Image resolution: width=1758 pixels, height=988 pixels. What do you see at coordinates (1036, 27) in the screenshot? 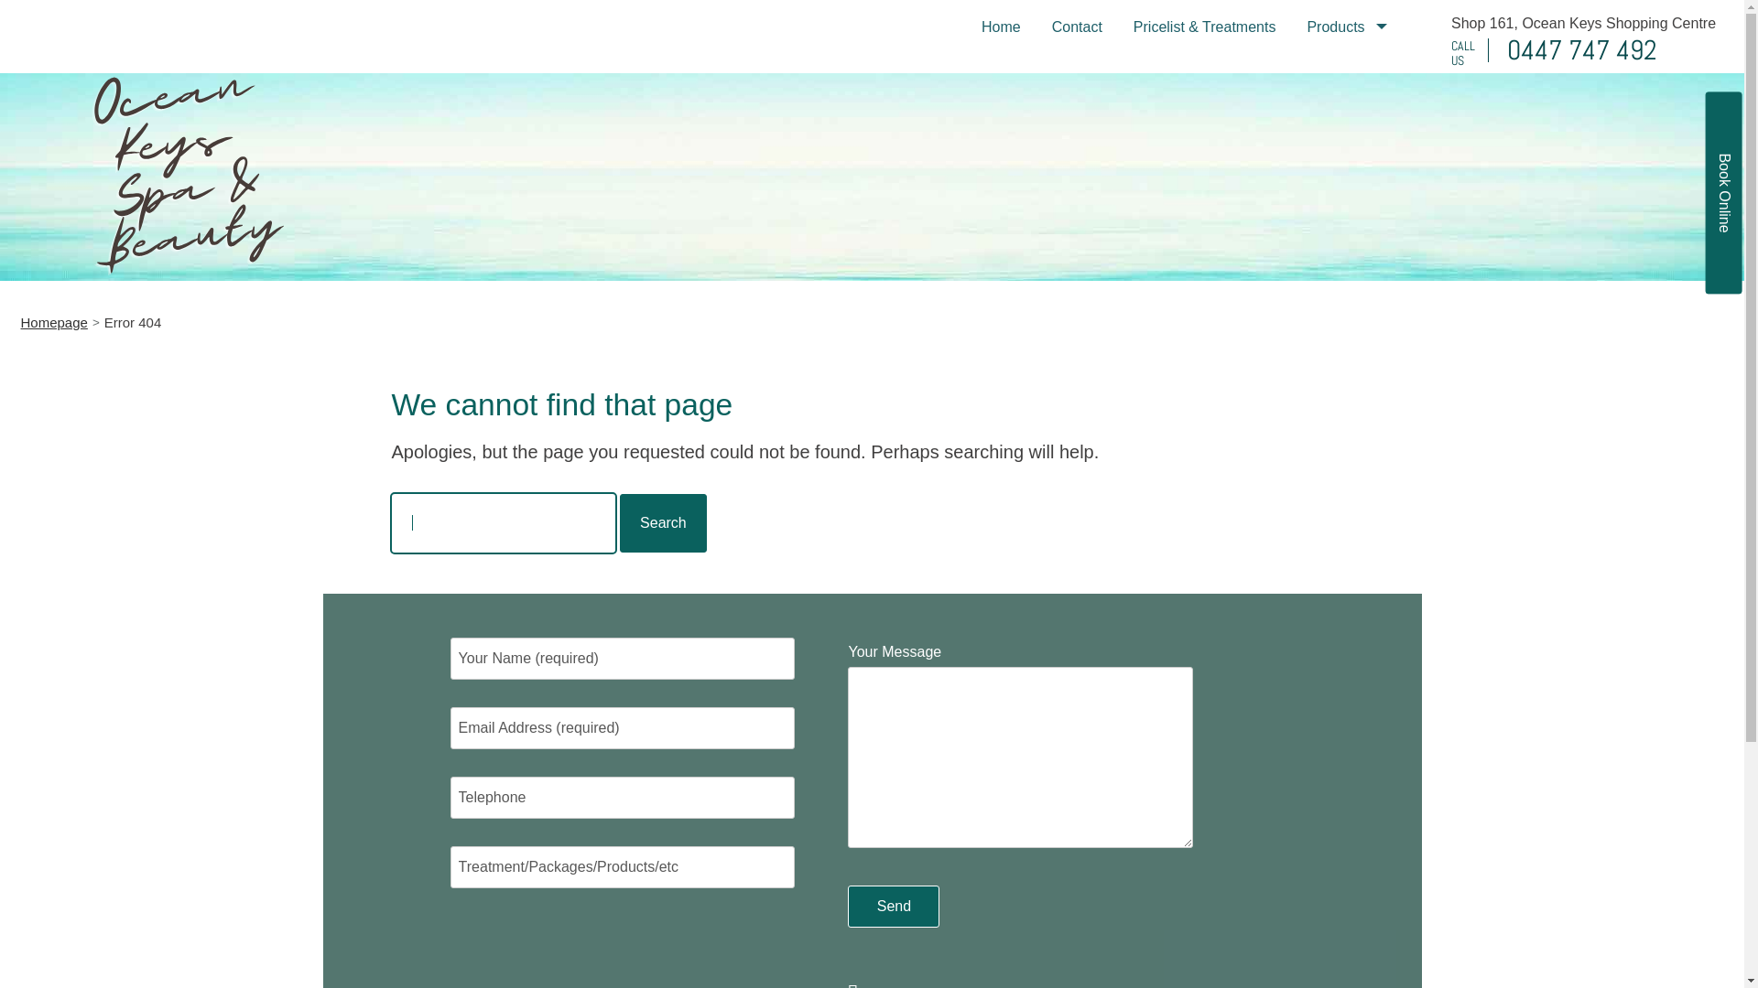
I see `'Contact'` at bounding box center [1036, 27].